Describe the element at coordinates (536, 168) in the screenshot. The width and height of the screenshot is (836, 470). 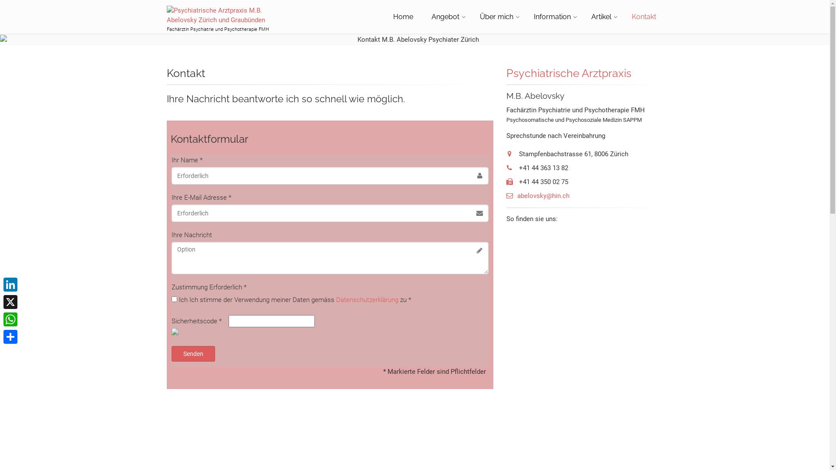
I see `'+41 44 363 13 82'` at that location.